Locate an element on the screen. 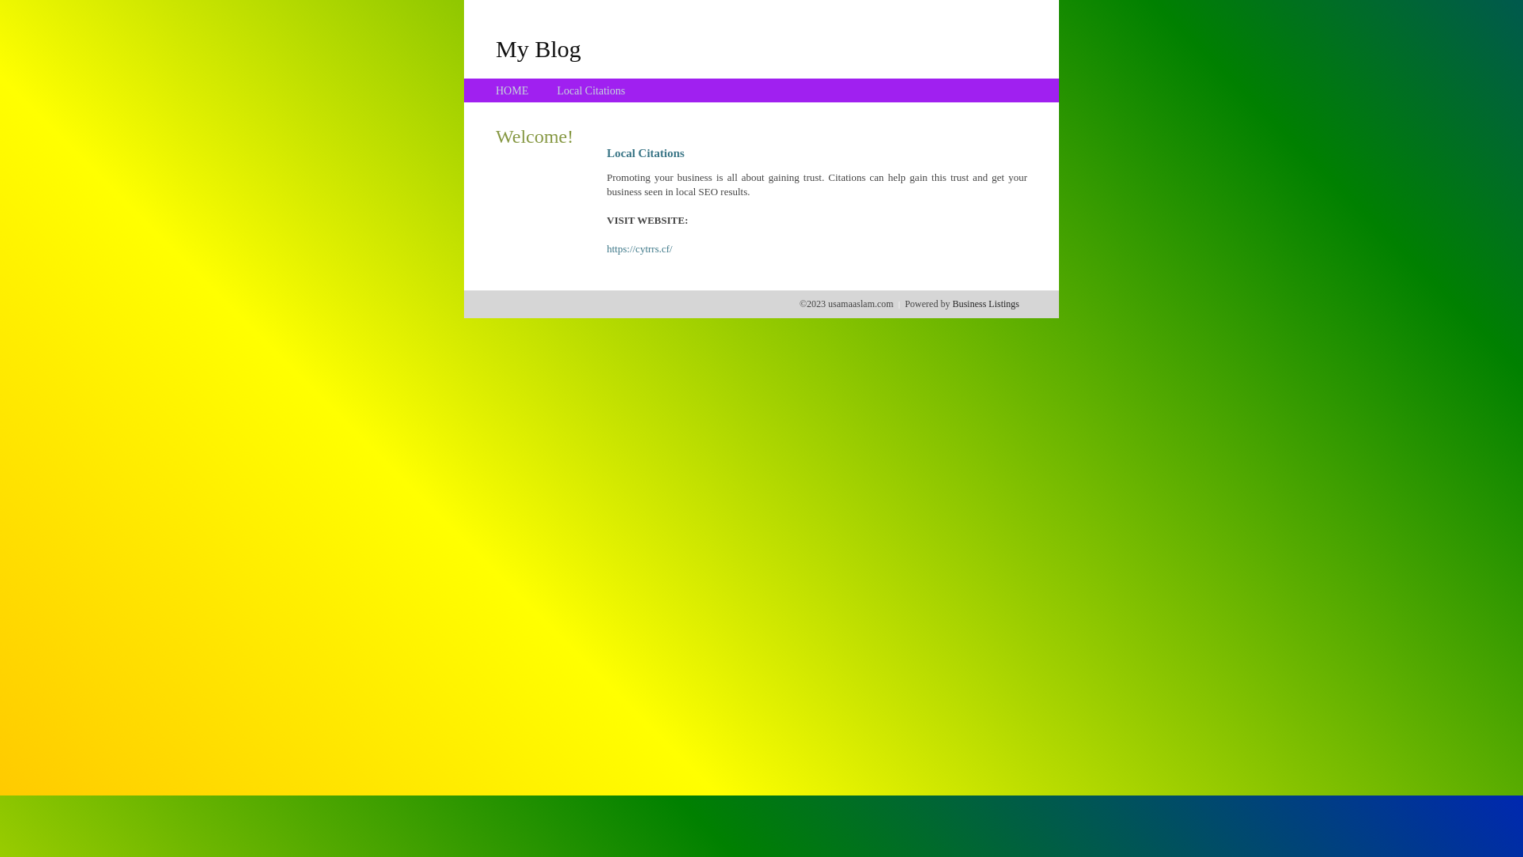 Image resolution: width=1523 pixels, height=857 pixels. 'Business Listings' is located at coordinates (985, 303).